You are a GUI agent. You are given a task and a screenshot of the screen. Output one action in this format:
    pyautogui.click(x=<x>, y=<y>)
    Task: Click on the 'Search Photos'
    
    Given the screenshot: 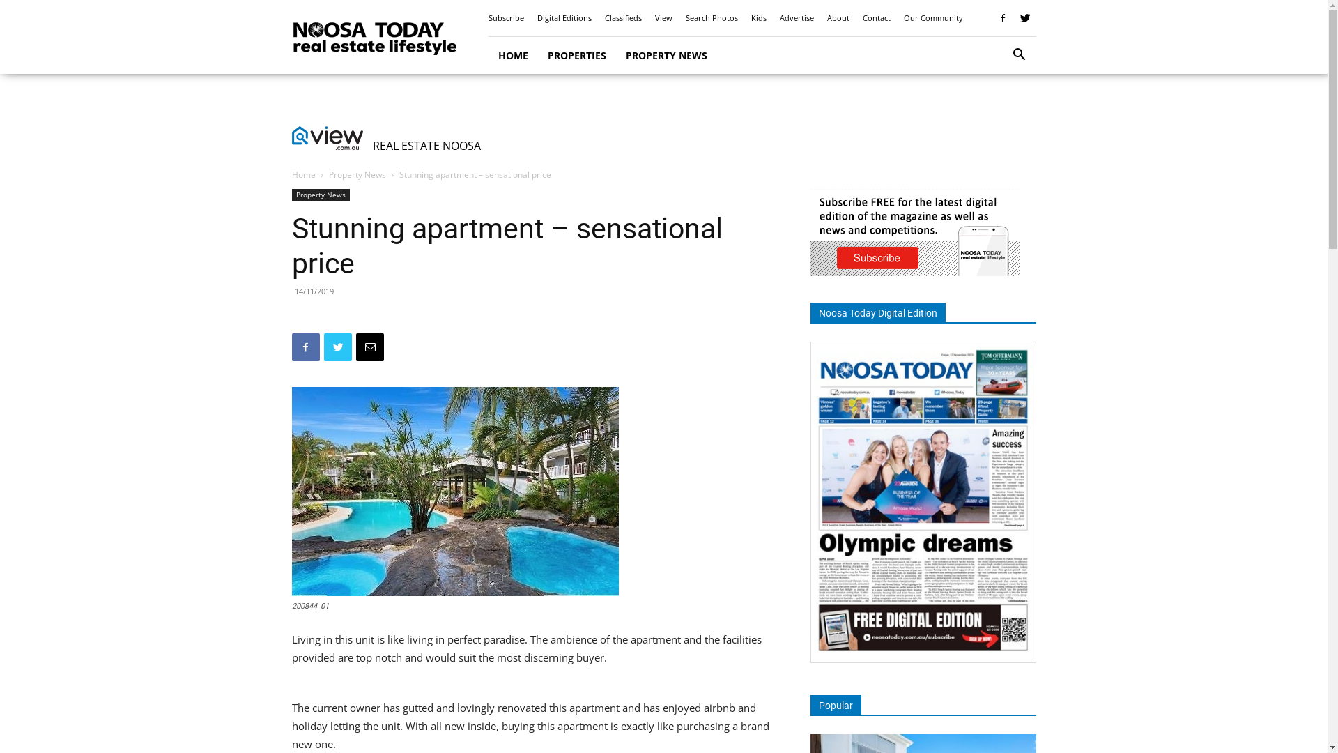 What is the action you would take?
    pyautogui.click(x=712, y=17)
    